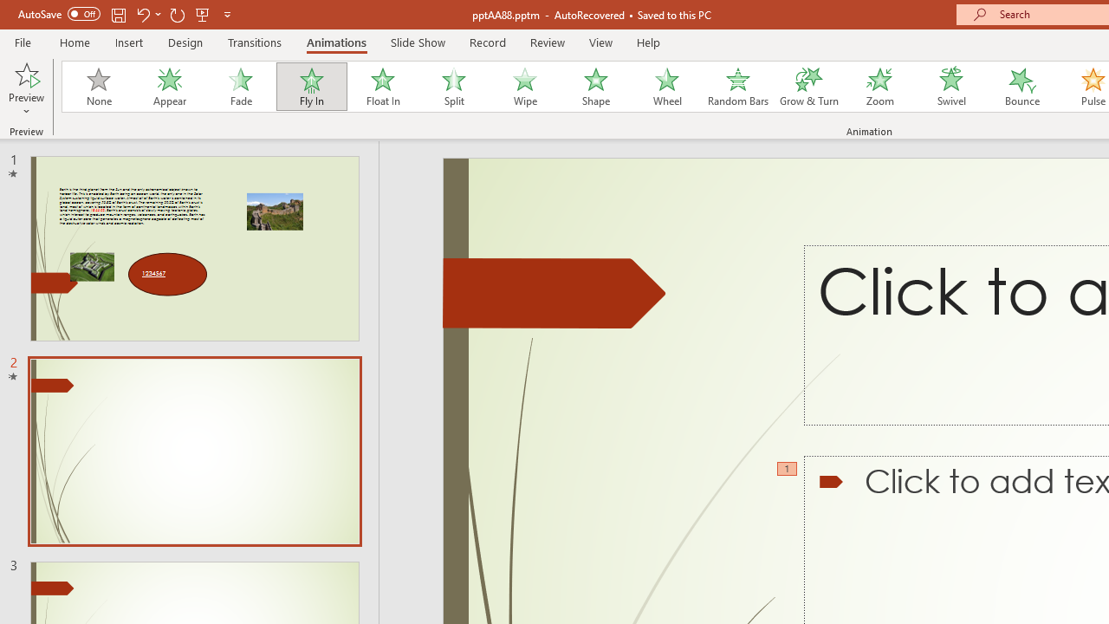  I want to click on 'Appear', so click(169, 87).